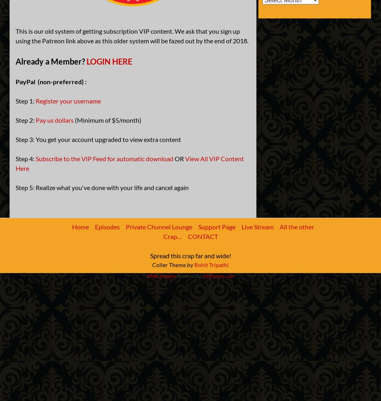  I want to click on 'Live Stream', so click(241, 226).